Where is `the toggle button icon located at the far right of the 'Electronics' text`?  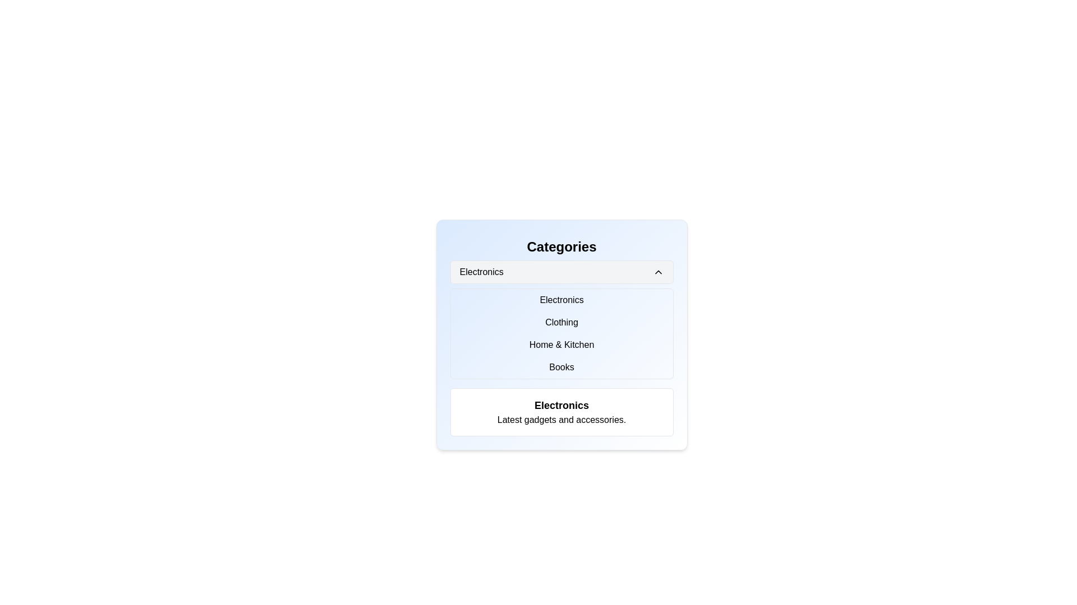
the toggle button icon located at the far right of the 'Electronics' text is located at coordinates (658, 272).